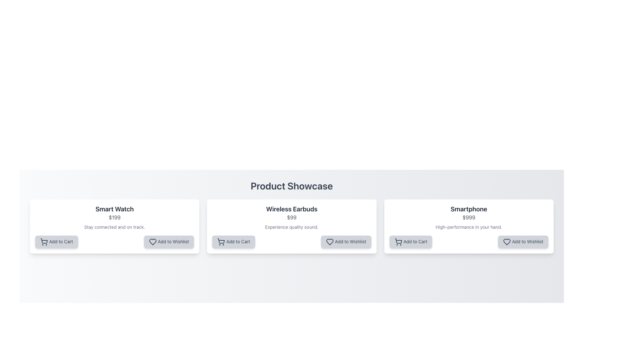  Describe the element at coordinates (469, 227) in the screenshot. I see `text label that displays 'High-performance in your hand.' located in the card section for a Smartphone, positioned beneath the price tag and above the action buttons` at that location.